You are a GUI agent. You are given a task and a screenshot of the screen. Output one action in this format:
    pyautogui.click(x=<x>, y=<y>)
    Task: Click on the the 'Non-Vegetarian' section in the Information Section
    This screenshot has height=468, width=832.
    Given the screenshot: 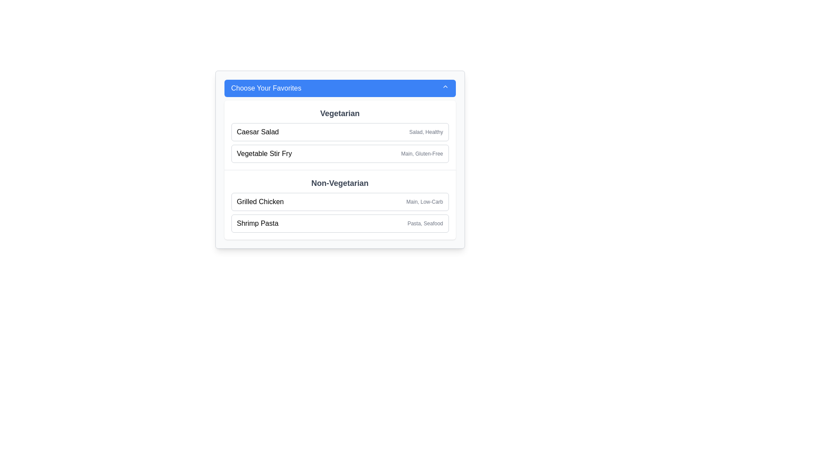 What is the action you would take?
    pyautogui.click(x=339, y=205)
    